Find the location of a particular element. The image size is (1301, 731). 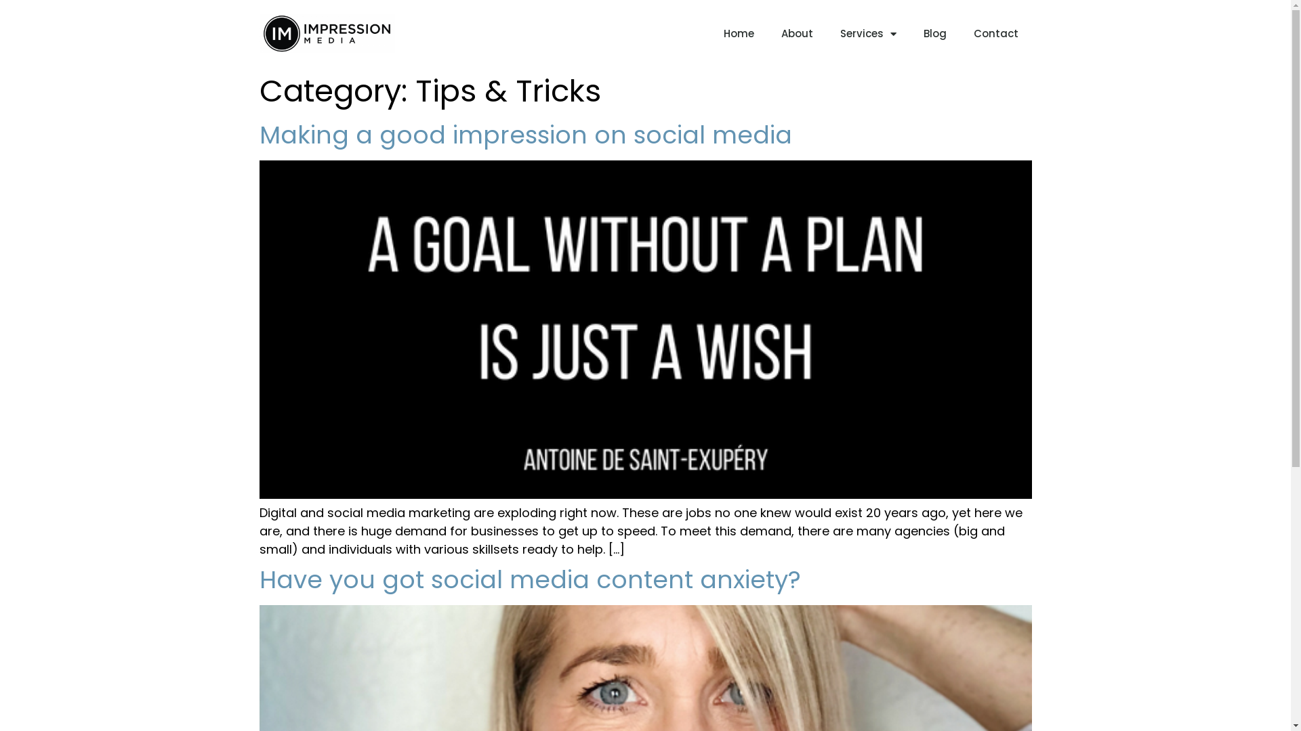

'About' is located at coordinates (796, 33).